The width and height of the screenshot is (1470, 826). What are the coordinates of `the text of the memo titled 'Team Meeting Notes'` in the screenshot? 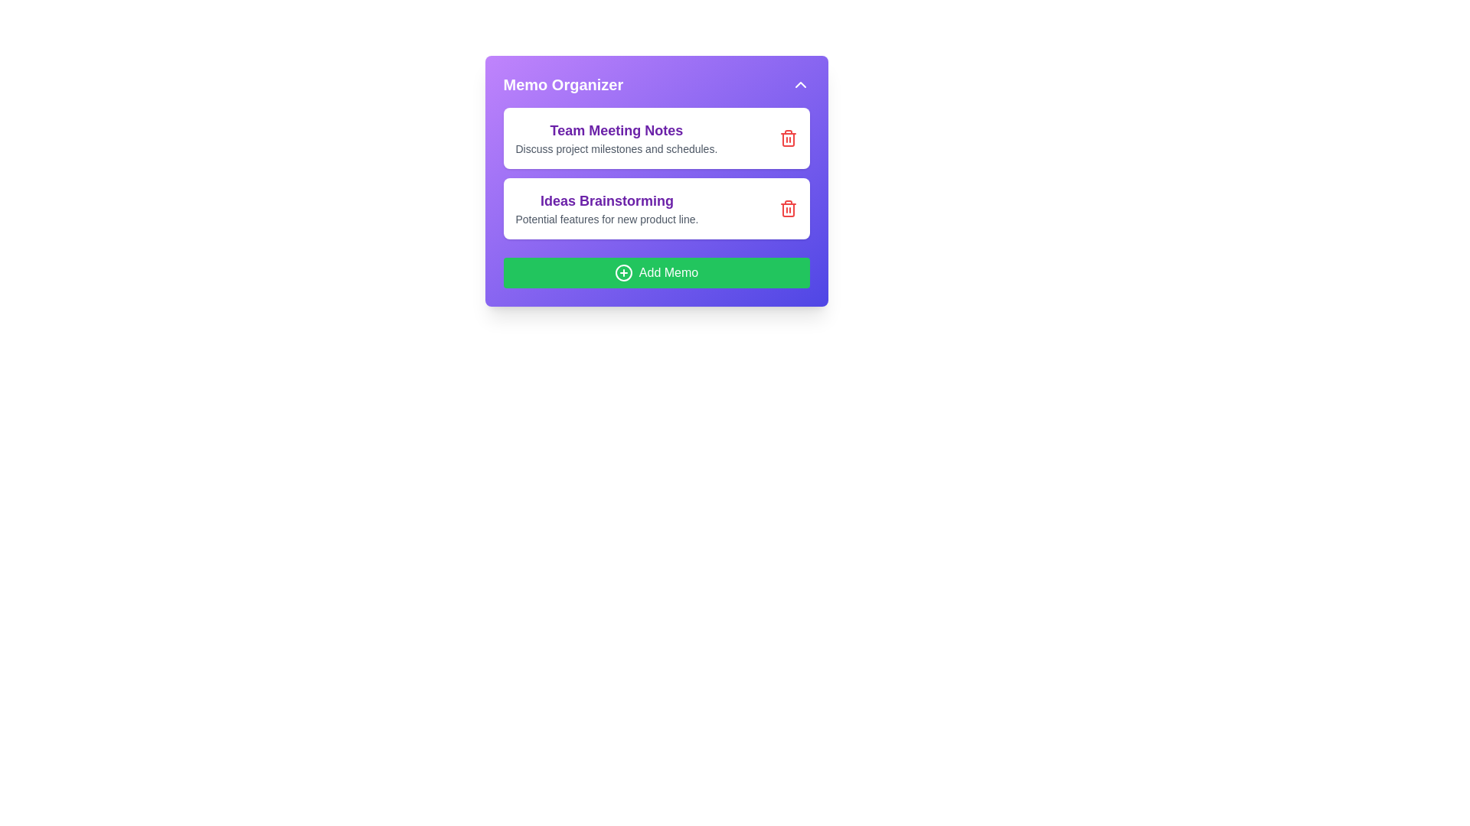 It's located at (616, 129).